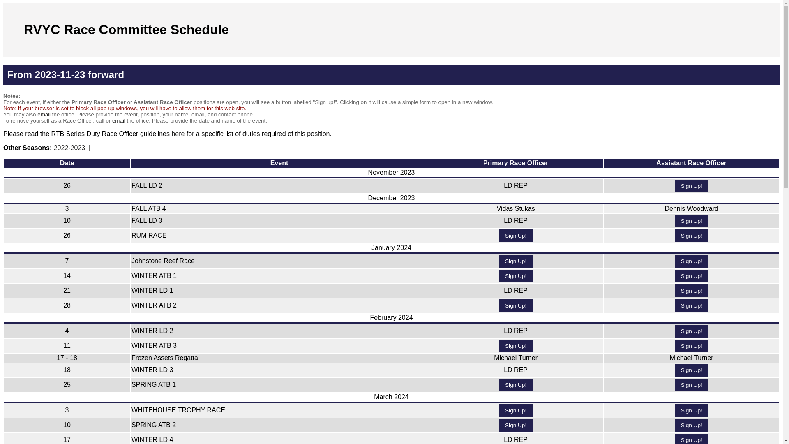 The width and height of the screenshot is (789, 444). What do you see at coordinates (515, 261) in the screenshot?
I see `'Sign Up!'` at bounding box center [515, 261].